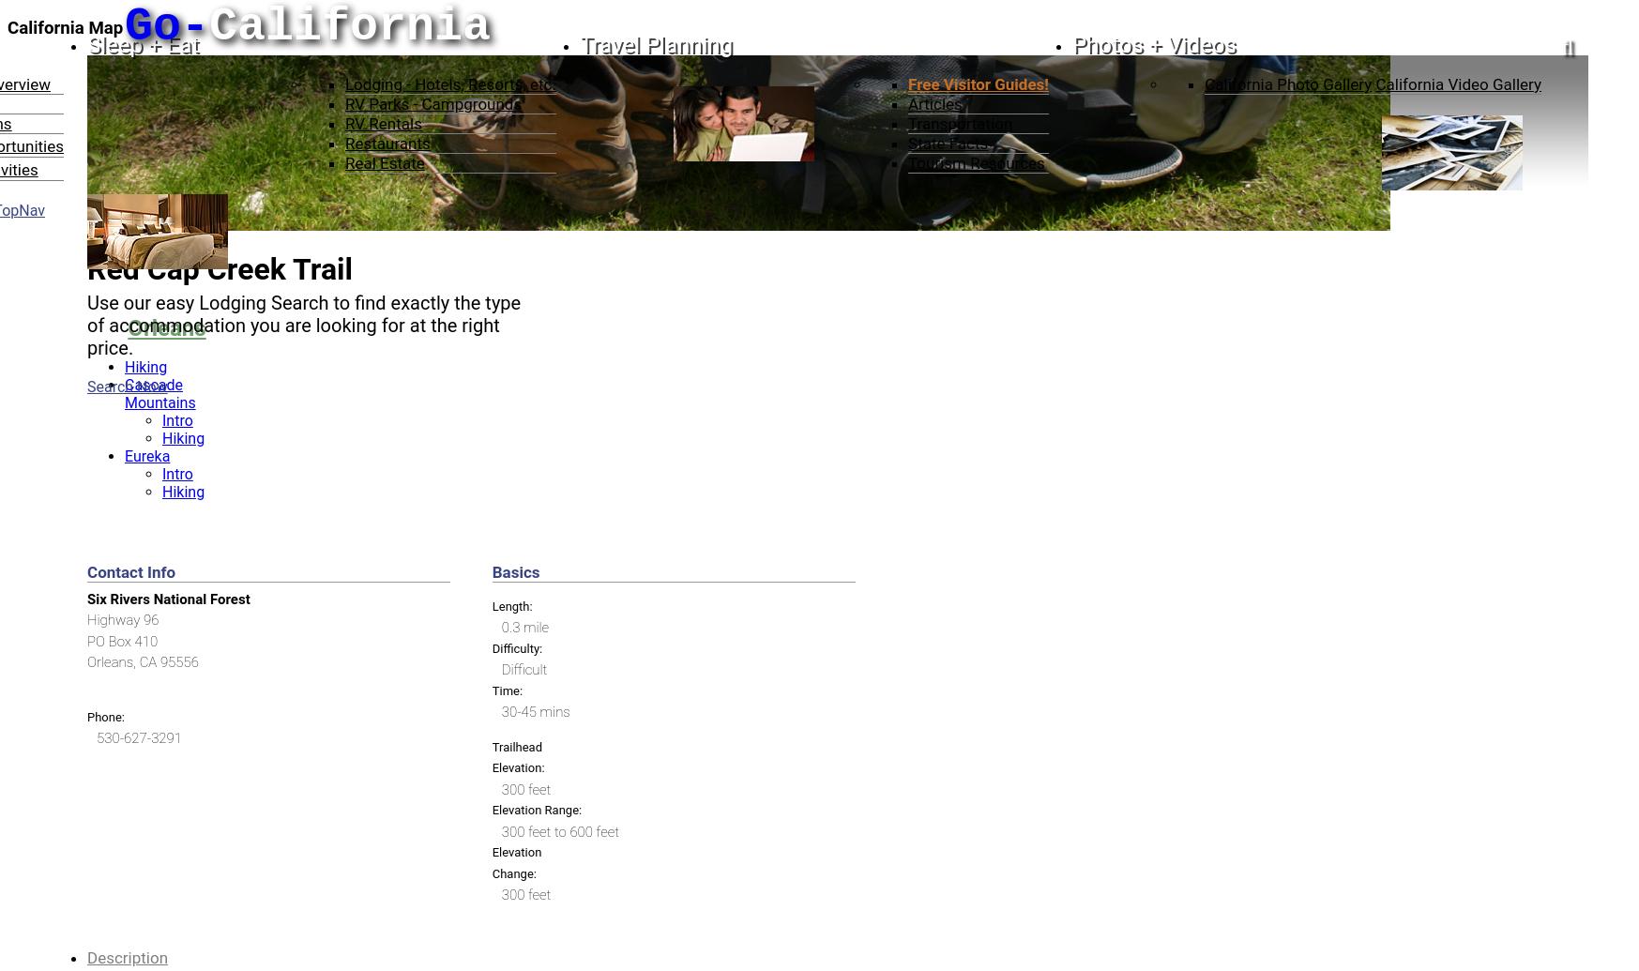 The height and width of the screenshot is (971, 1639). I want to click on 'Six Rivers National Forest', so click(86, 597).